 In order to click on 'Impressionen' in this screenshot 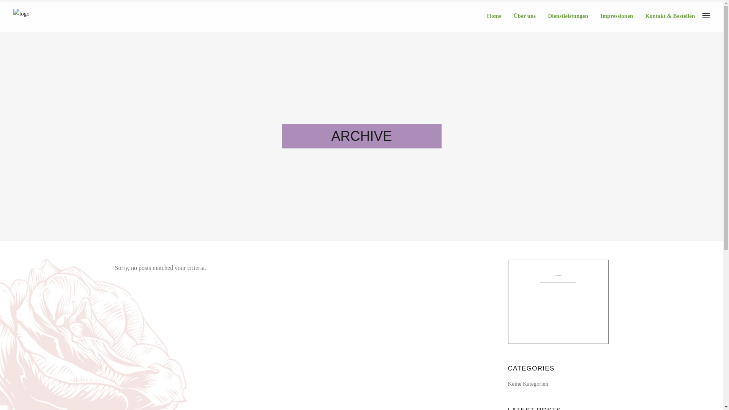, I will do `click(620, 16)`.